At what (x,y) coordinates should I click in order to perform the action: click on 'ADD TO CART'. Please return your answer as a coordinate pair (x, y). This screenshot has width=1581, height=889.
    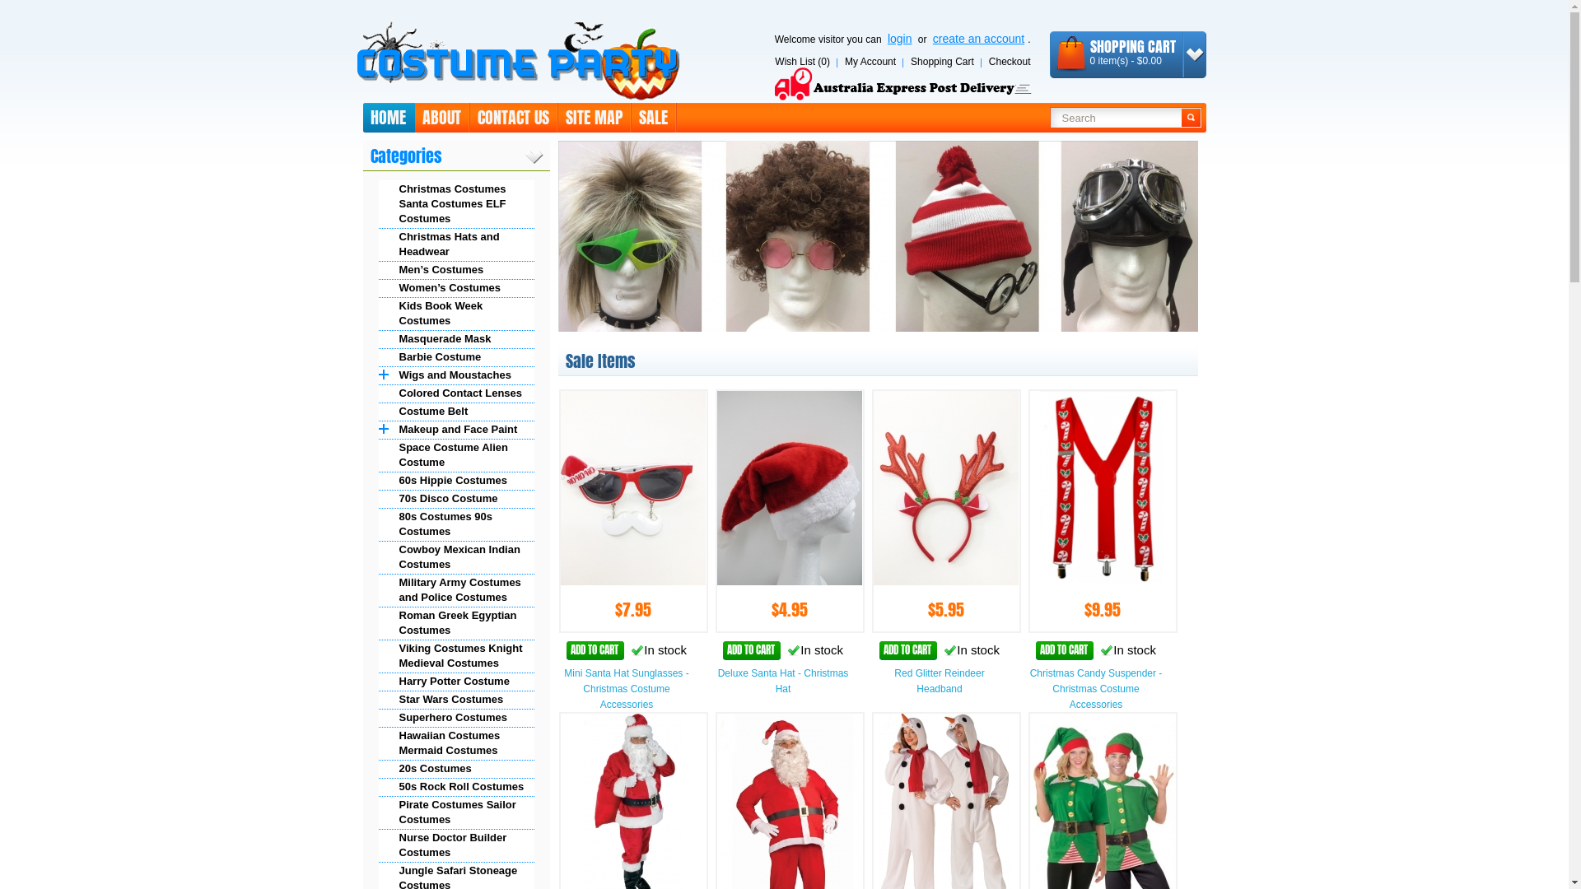
    Looking at the image, I should click on (595, 649).